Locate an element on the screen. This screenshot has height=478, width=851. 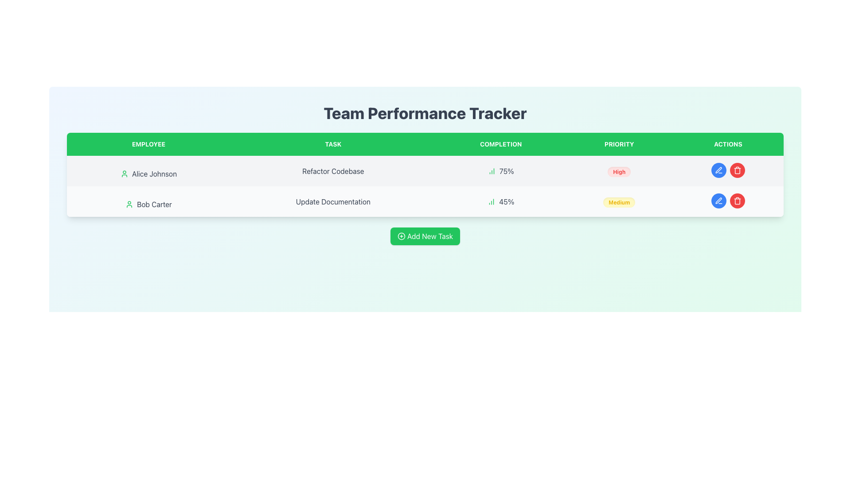
the red rounded button with a trash can icon is located at coordinates (737, 201).